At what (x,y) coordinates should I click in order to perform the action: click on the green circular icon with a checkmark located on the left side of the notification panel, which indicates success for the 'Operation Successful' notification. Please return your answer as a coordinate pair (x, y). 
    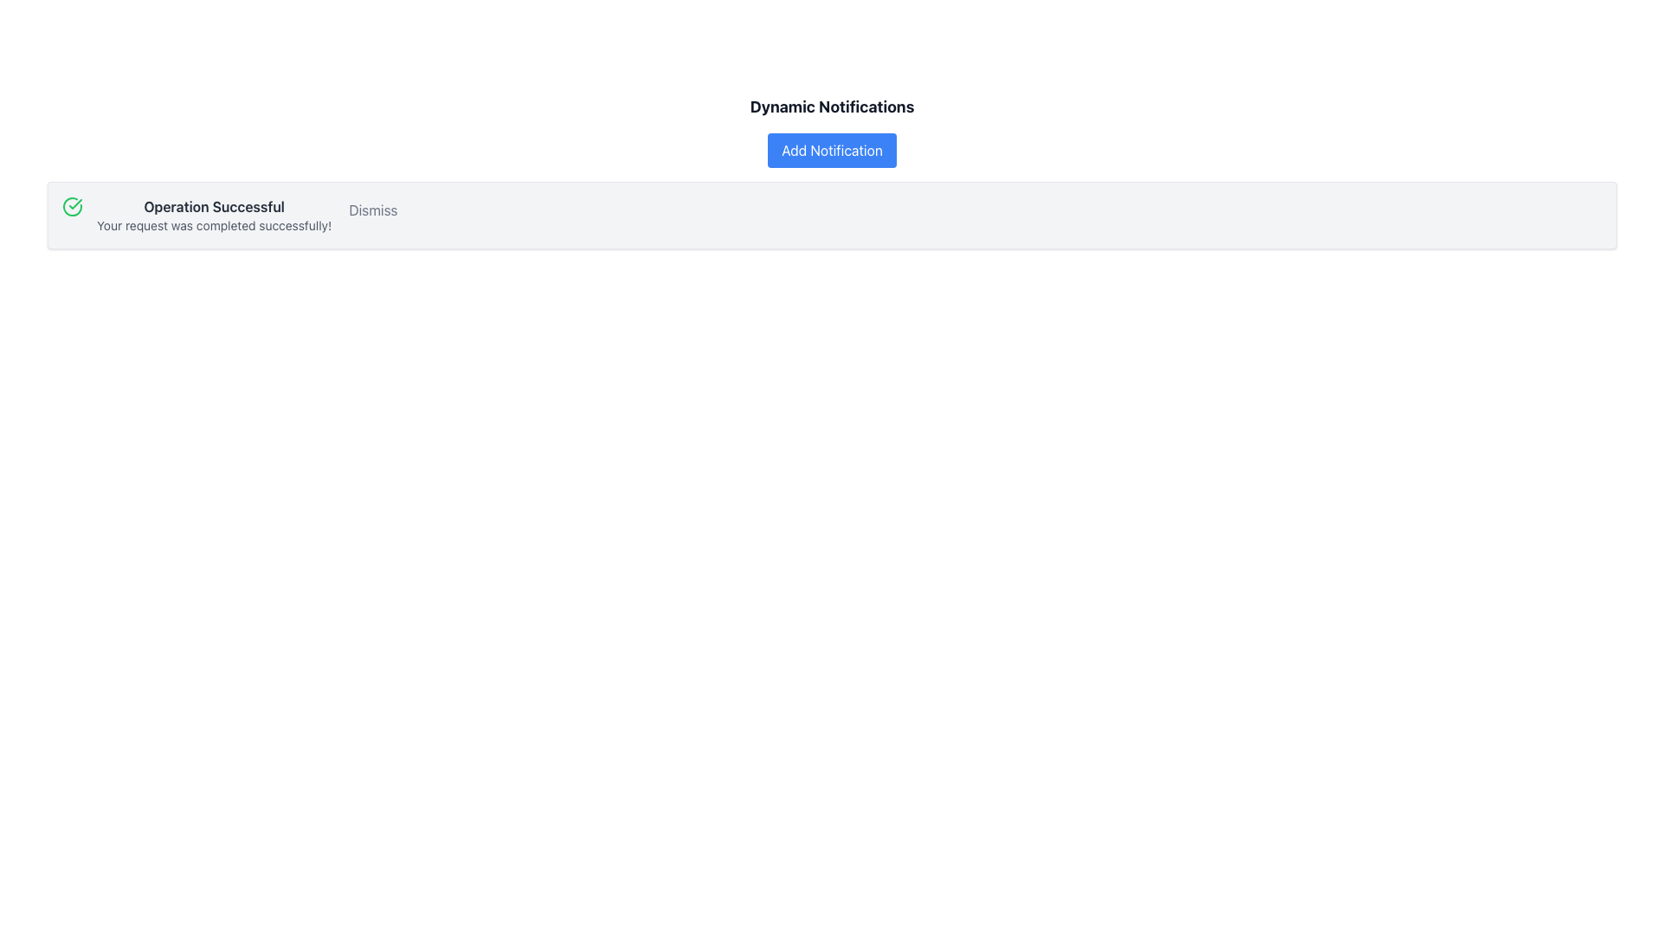
    Looking at the image, I should click on (71, 206).